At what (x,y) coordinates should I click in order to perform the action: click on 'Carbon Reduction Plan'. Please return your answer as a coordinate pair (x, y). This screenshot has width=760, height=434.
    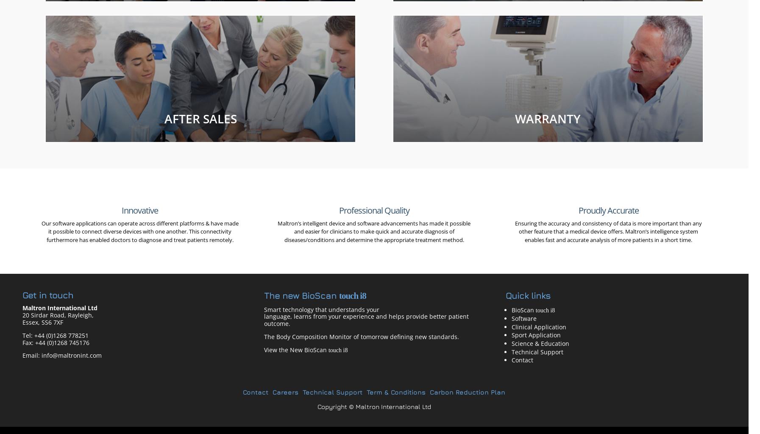
    Looking at the image, I should click on (468, 391).